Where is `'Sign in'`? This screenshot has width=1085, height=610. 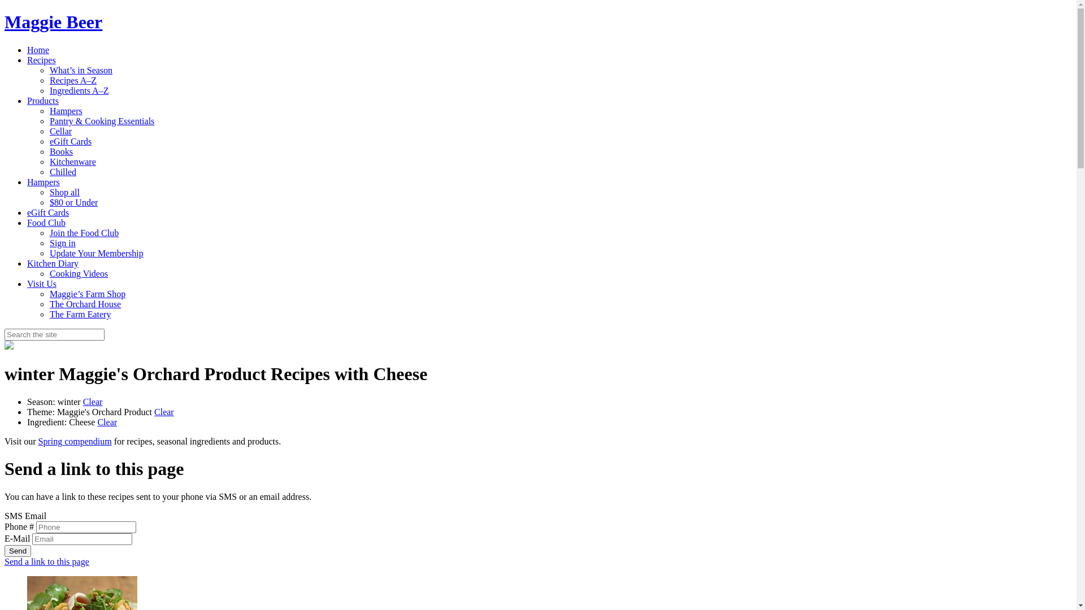
'Sign in' is located at coordinates (62, 242).